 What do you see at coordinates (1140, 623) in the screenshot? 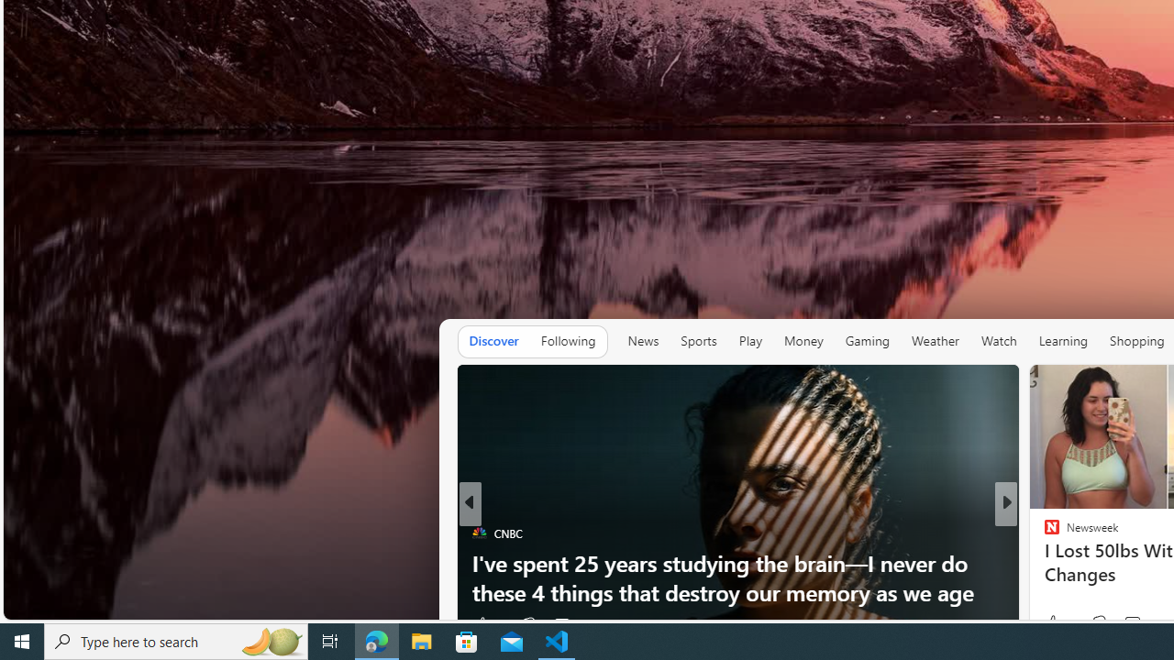
I see `'View comments 38 Comment'` at bounding box center [1140, 623].